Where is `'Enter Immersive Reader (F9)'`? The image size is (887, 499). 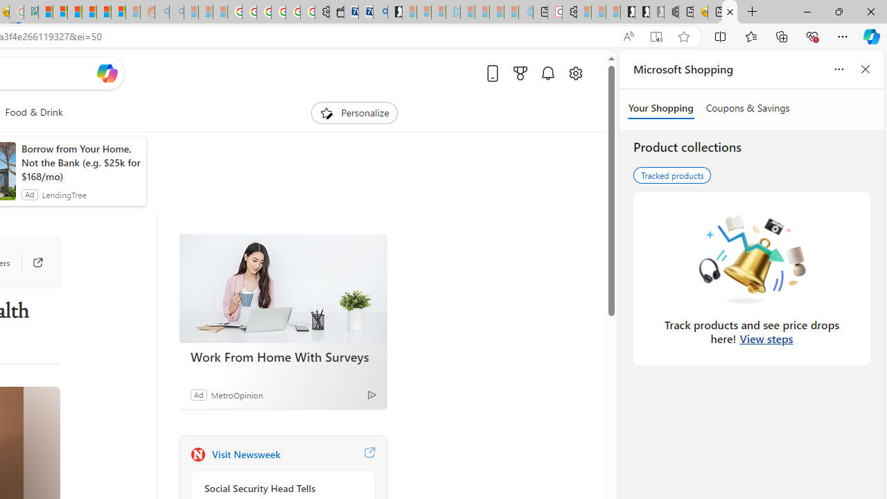
'Enter Immersive Reader (F9)' is located at coordinates (655, 36).